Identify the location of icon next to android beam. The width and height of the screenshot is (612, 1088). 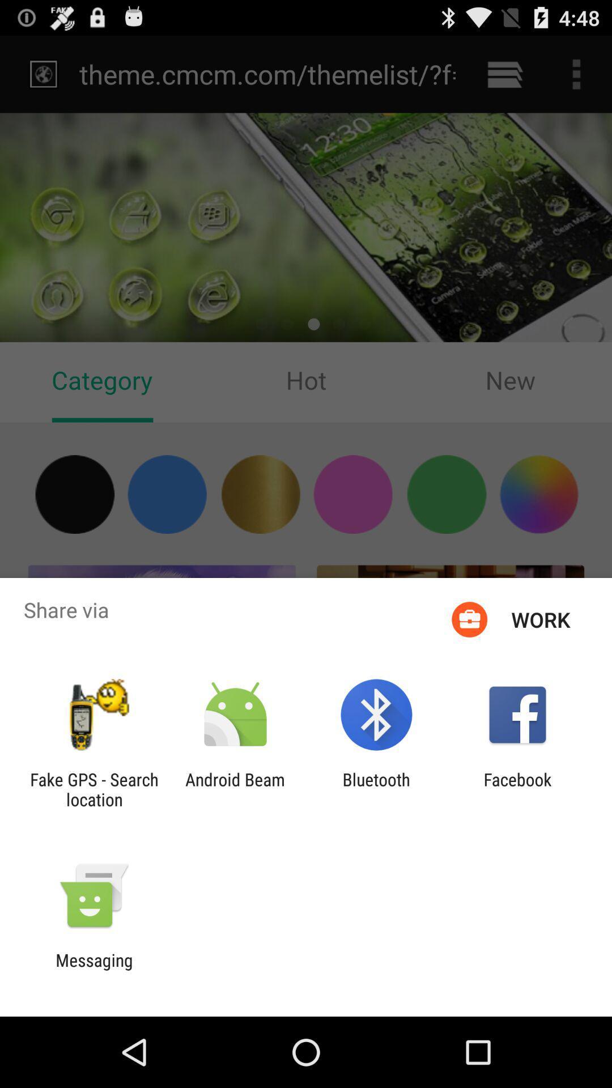
(93, 789).